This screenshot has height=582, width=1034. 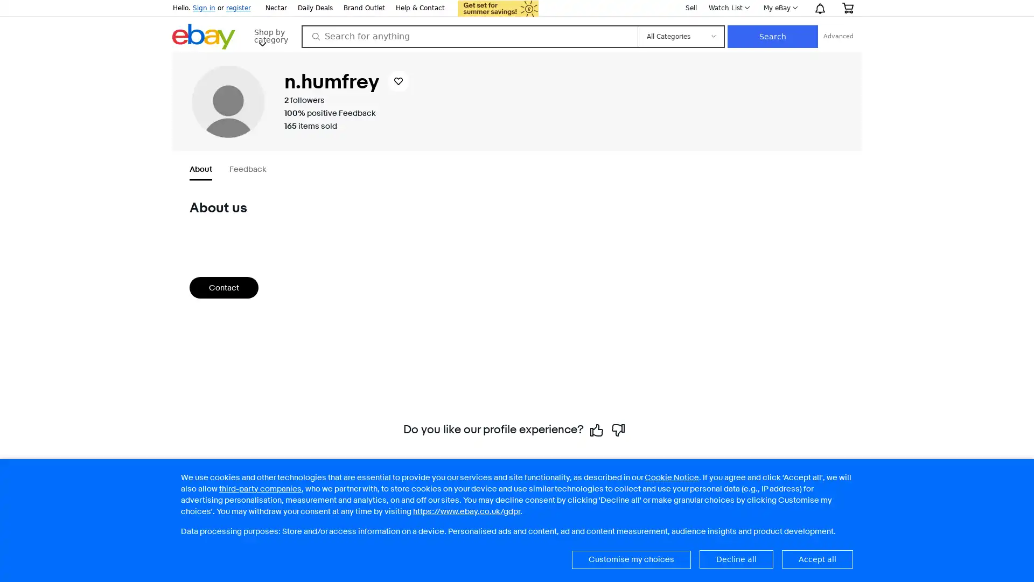 What do you see at coordinates (817, 558) in the screenshot?
I see `Accept privacy terms and settings` at bounding box center [817, 558].